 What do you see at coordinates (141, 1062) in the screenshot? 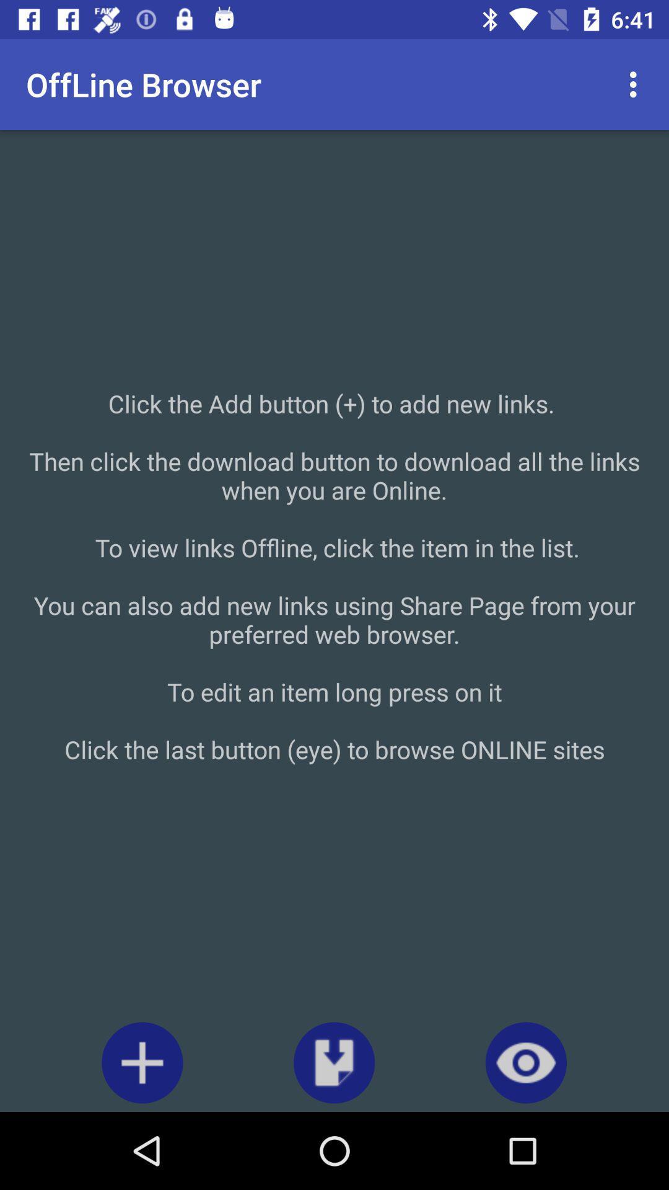
I see `the add icon` at bounding box center [141, 1062].